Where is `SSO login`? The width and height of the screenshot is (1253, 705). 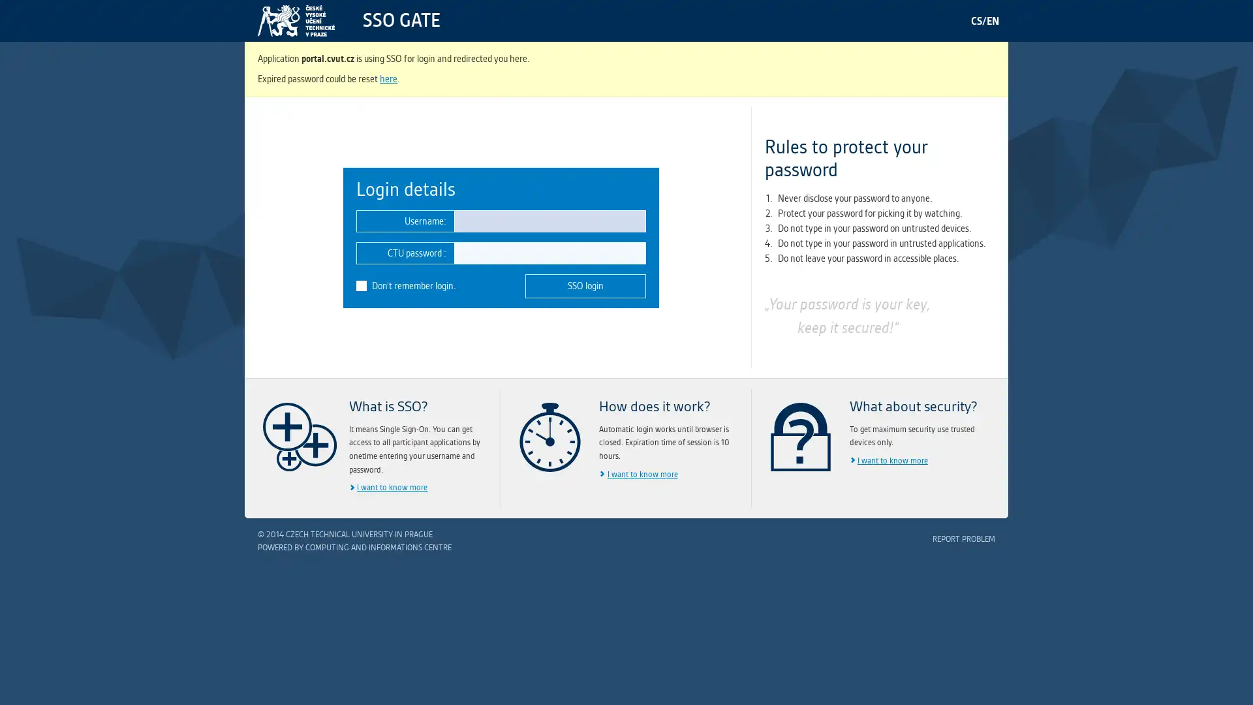 SSO login is located at coordinates (584, 285).